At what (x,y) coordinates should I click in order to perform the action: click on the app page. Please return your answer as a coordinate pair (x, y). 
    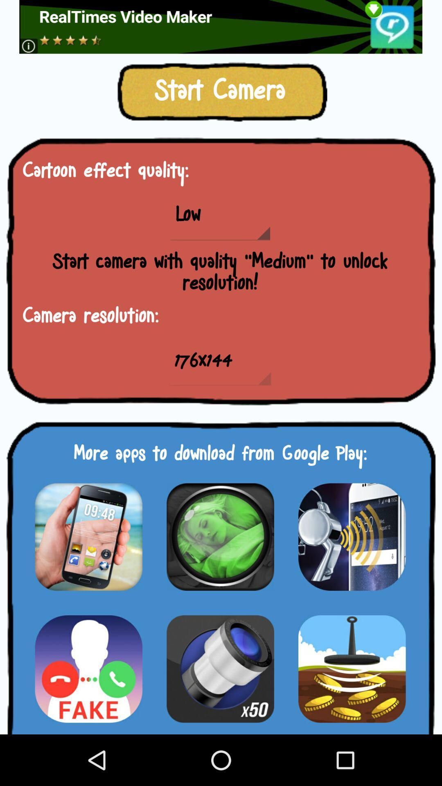
    Looking at the image, I should click on (220, 537).